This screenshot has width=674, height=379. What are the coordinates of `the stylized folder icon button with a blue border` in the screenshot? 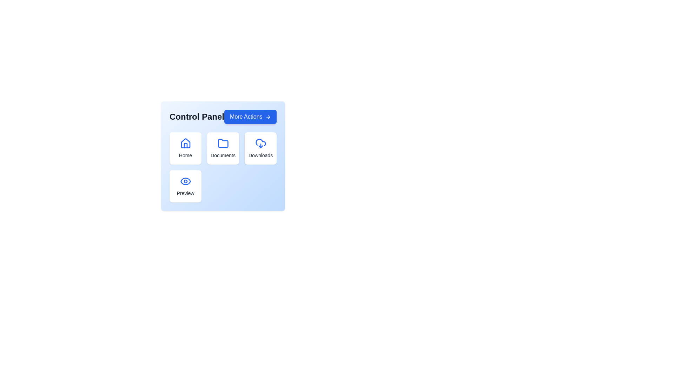 It's located at (223, 143).